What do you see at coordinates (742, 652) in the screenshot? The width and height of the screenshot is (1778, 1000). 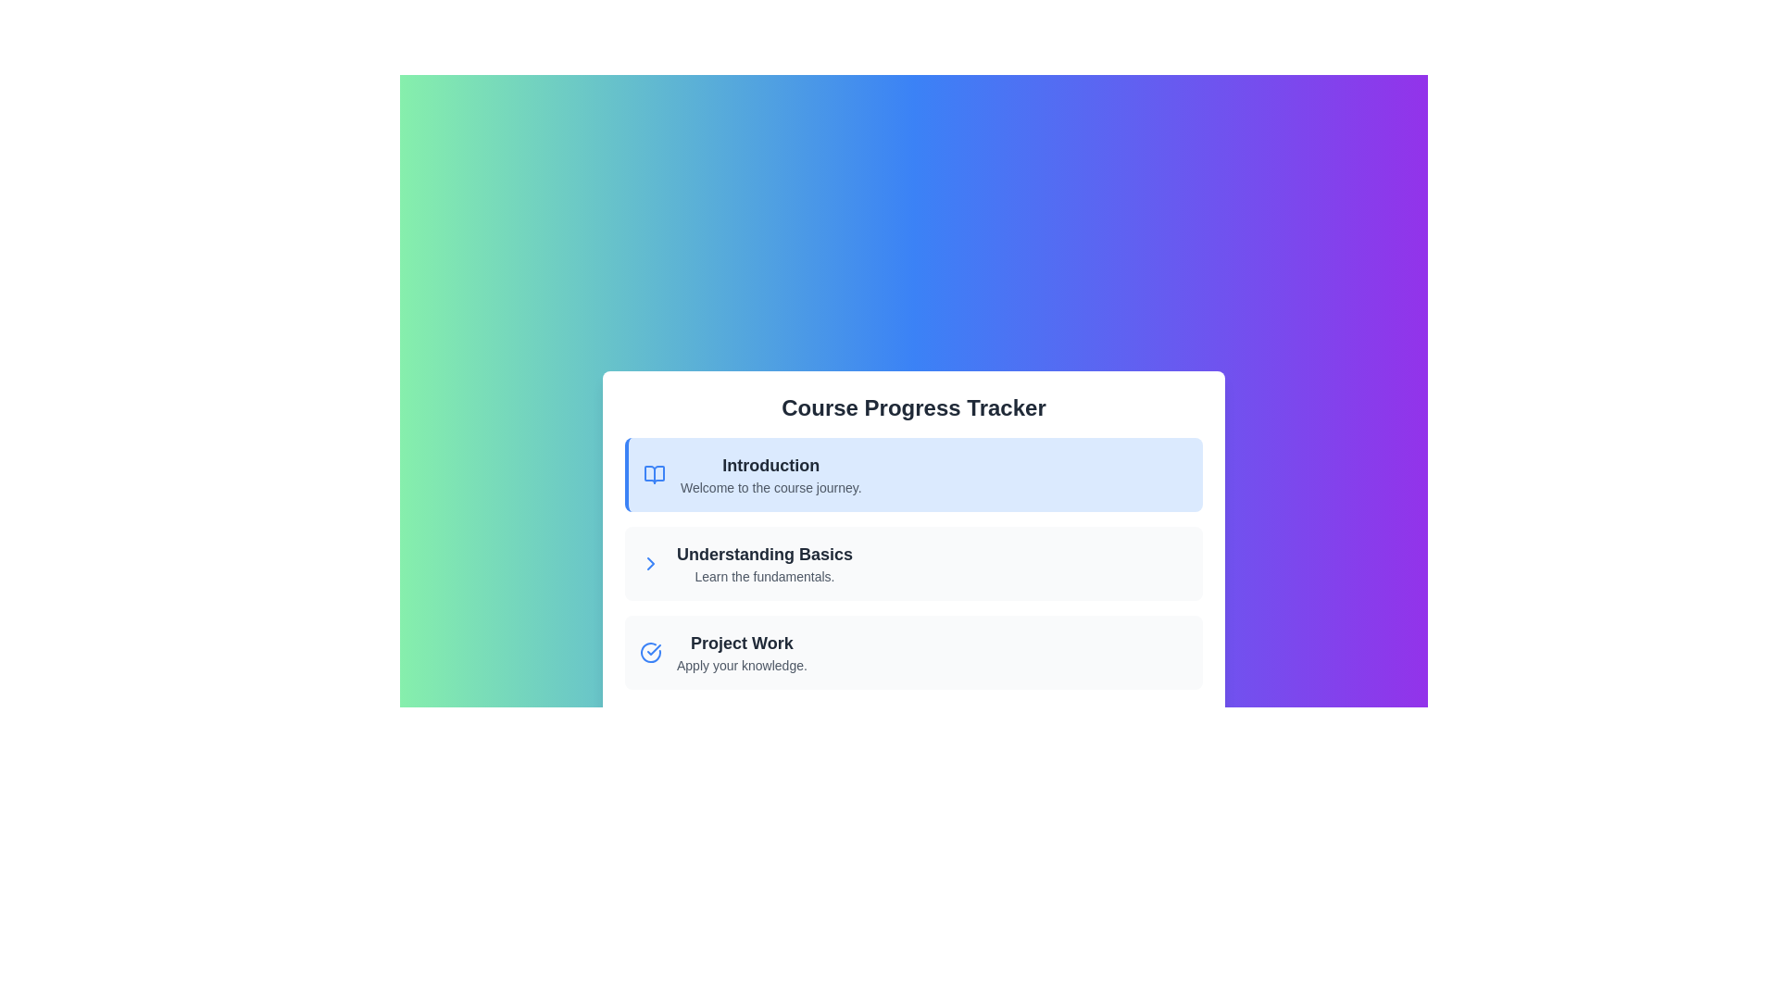 I see `text contents of the Label with subtitle element that displays 'Project Work' and 'Apply your knowledge.'` at bounding box center [742, 652].